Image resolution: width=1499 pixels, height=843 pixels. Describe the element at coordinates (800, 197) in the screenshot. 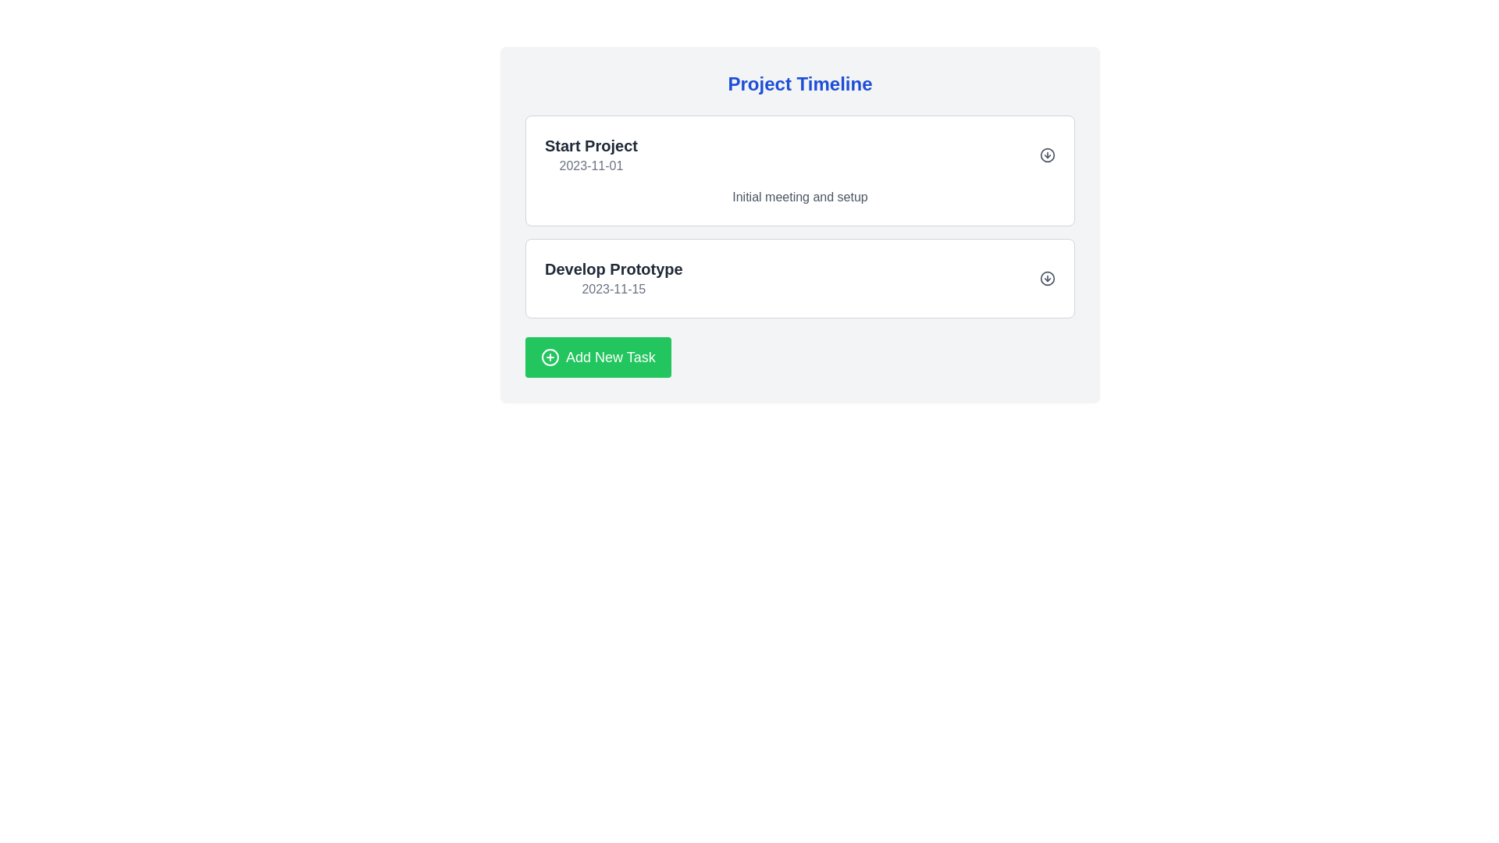

I see `the text label reading 'Initial meeting and setup' located at the bottom of the 'Start Project' card` at that location.